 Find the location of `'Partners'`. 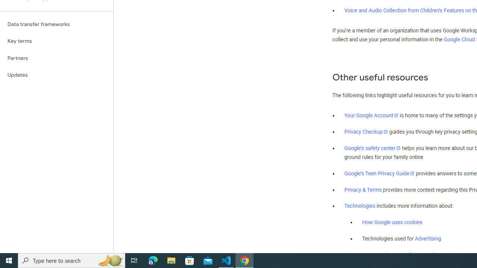

'Partners' is located at coordinates (56, 58).